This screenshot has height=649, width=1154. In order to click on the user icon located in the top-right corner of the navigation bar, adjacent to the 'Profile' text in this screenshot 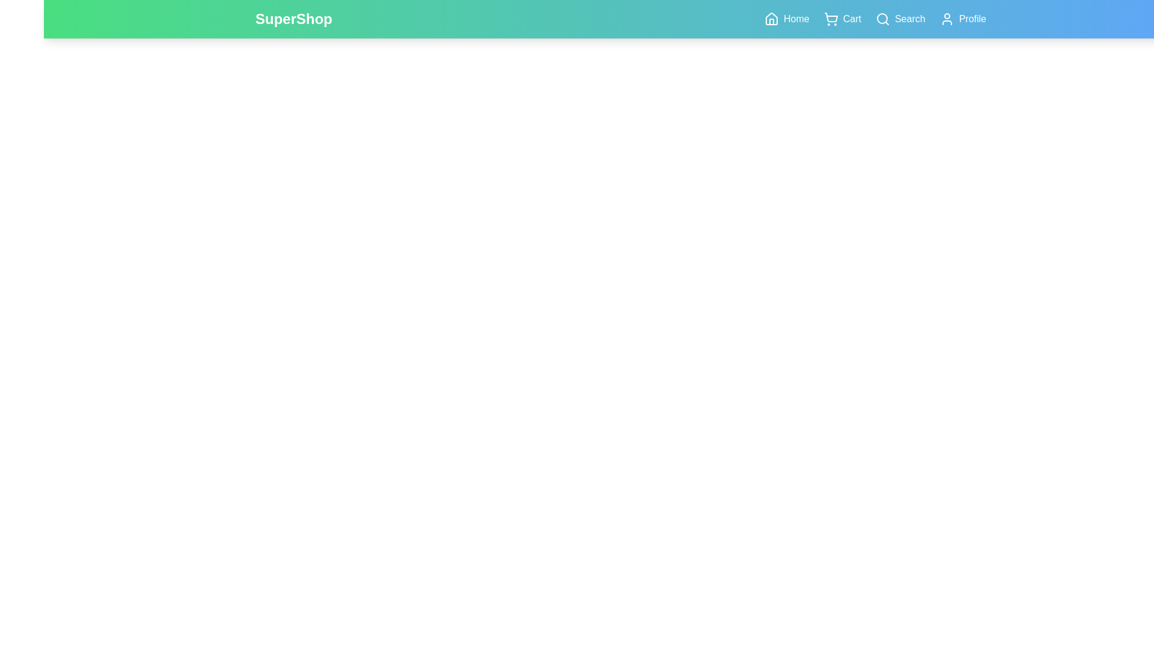, I will do `click(946, 19)`.